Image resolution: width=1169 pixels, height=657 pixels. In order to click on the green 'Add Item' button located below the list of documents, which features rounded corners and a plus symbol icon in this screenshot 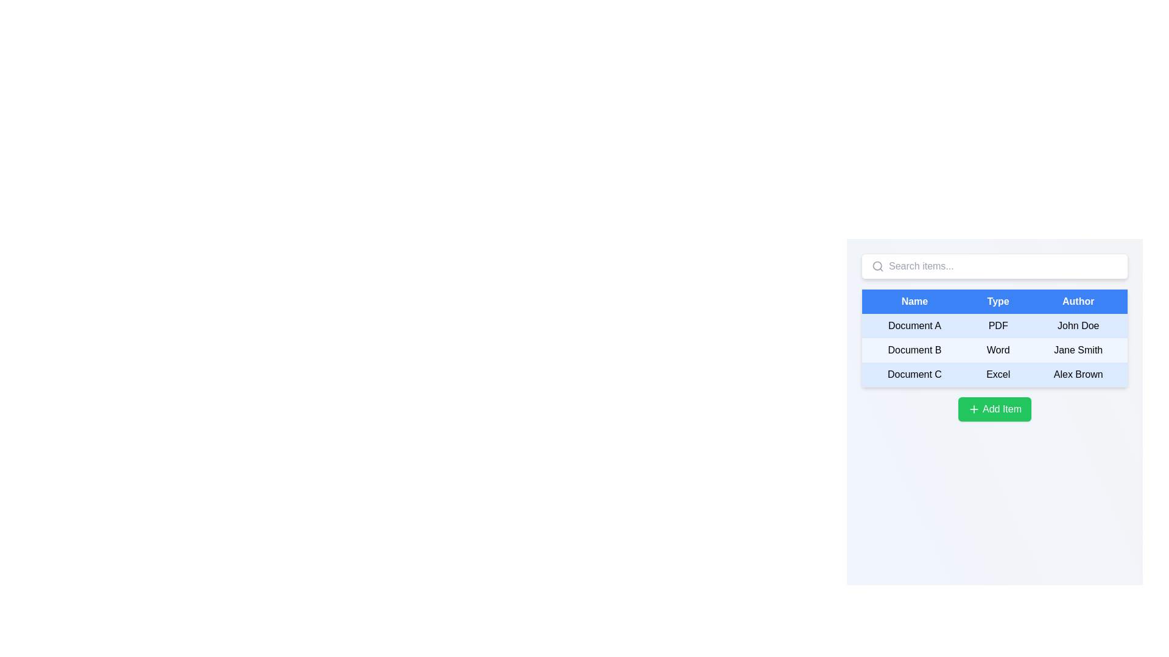, I will do `click(994, 409)`.